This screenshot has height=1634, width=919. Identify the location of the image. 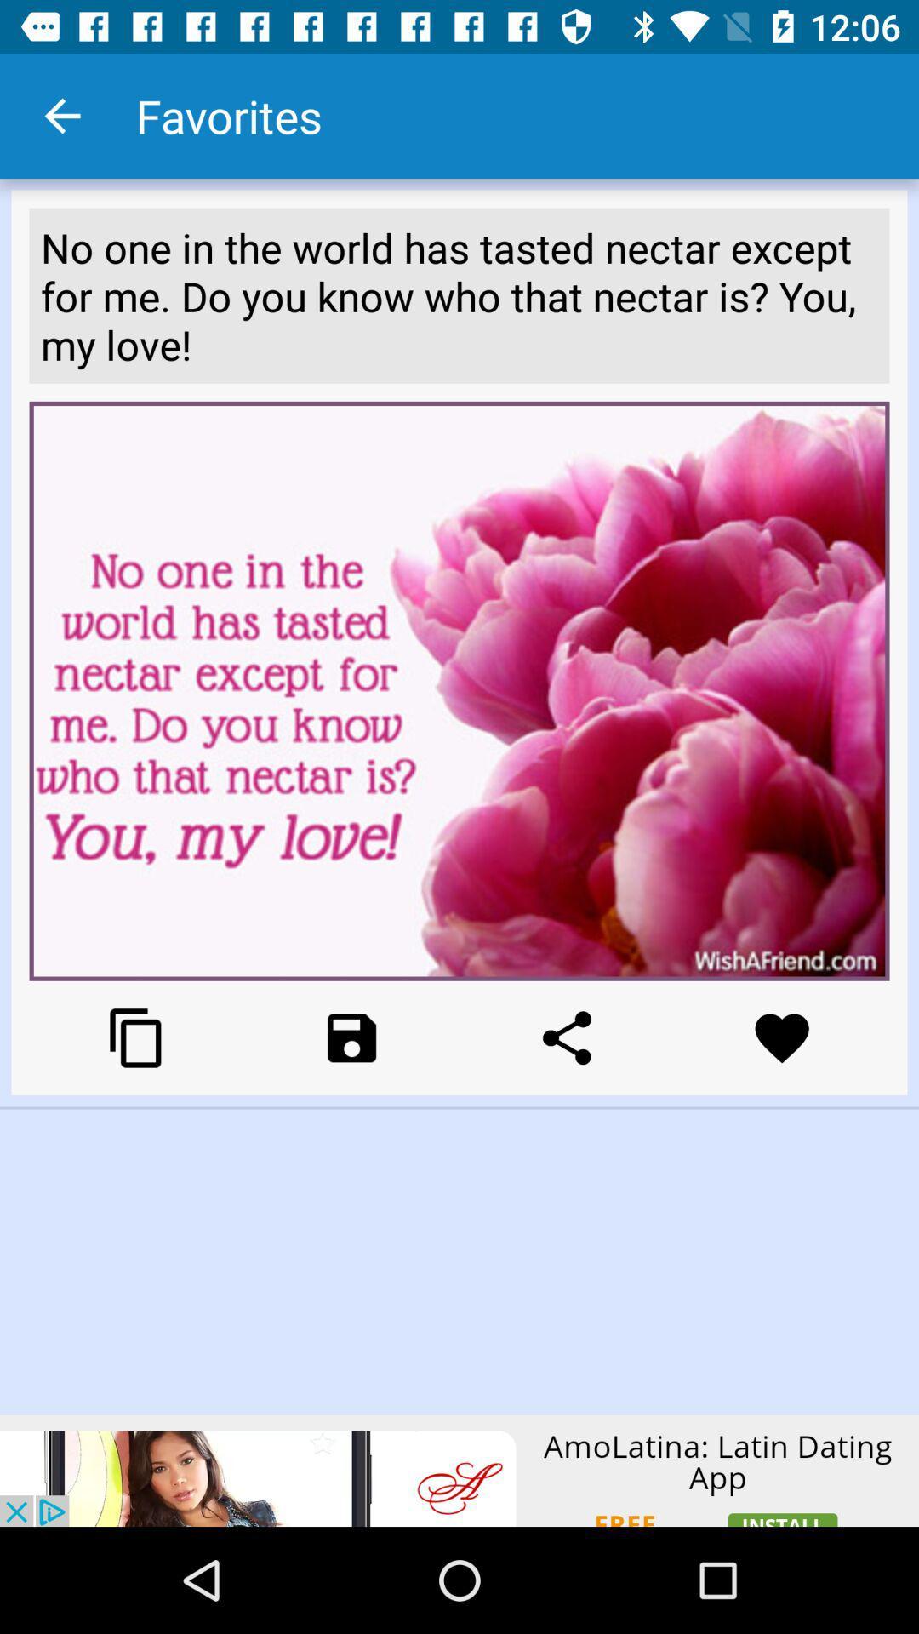
(351, 1037).